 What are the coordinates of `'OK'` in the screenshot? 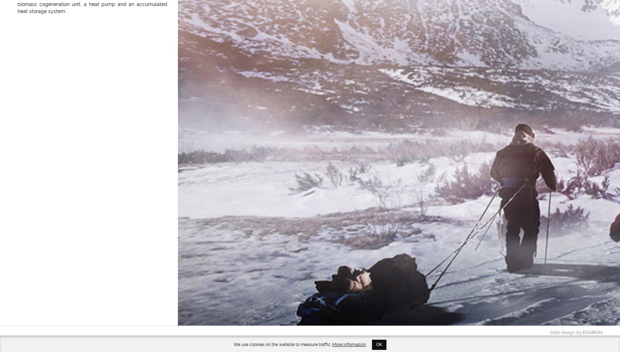 It's located at (379, 344).